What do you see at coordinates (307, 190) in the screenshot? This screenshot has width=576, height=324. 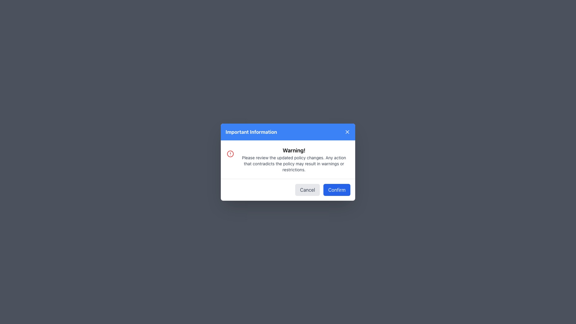 I see `the cancel button located in the bottom-right section of the dialog box` at bounding box center [307, 190].